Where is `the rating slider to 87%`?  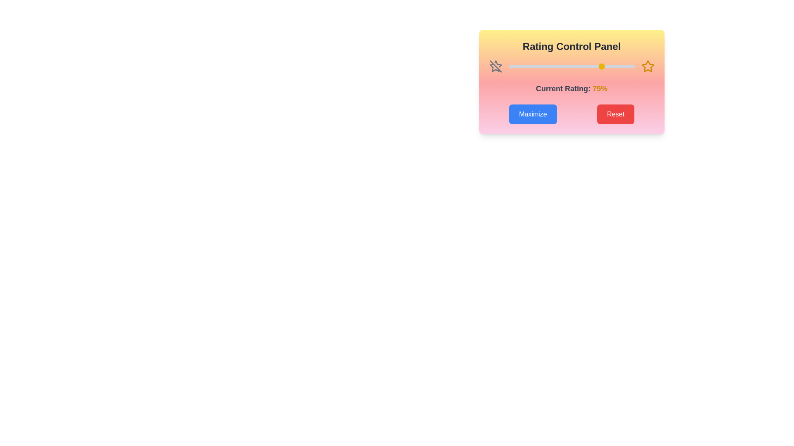
the rating slider to 87% is located at coordinates (618, 66).